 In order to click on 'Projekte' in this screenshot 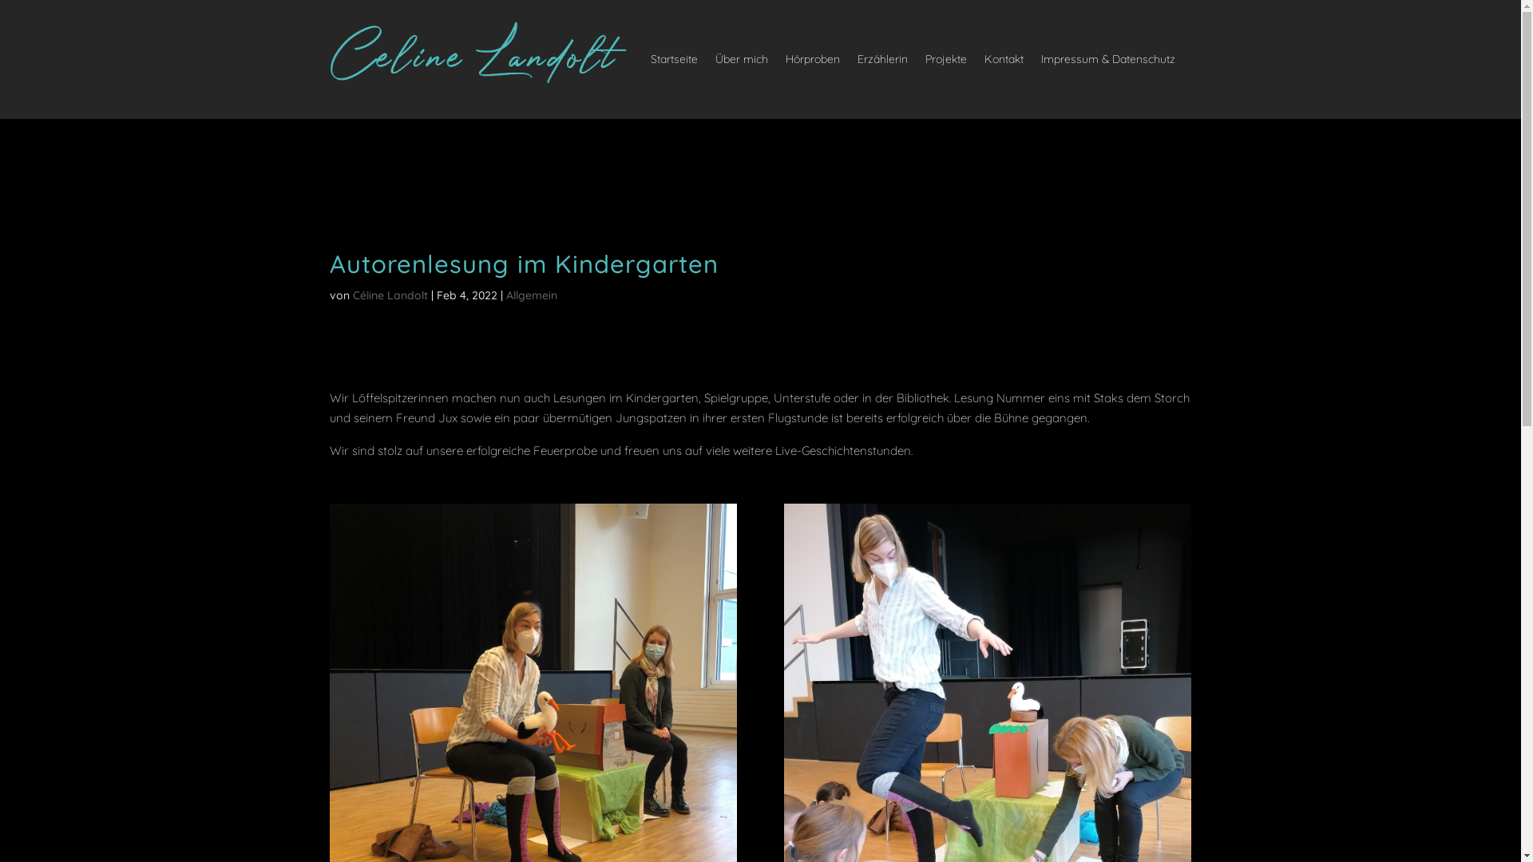, I will do `click(925, 58)`.